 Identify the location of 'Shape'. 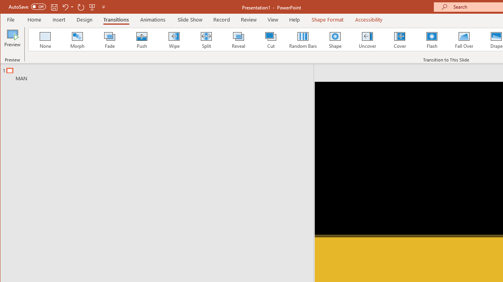
(335, 39).